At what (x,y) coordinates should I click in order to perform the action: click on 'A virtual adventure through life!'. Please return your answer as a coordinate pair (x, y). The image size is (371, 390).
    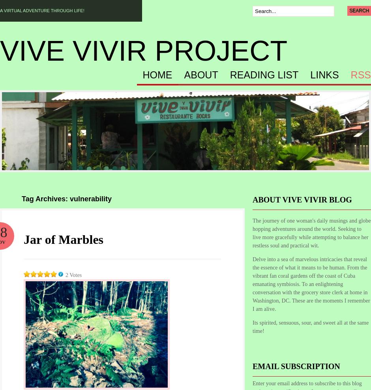
    Looking at the image, I should click on (42, 10).